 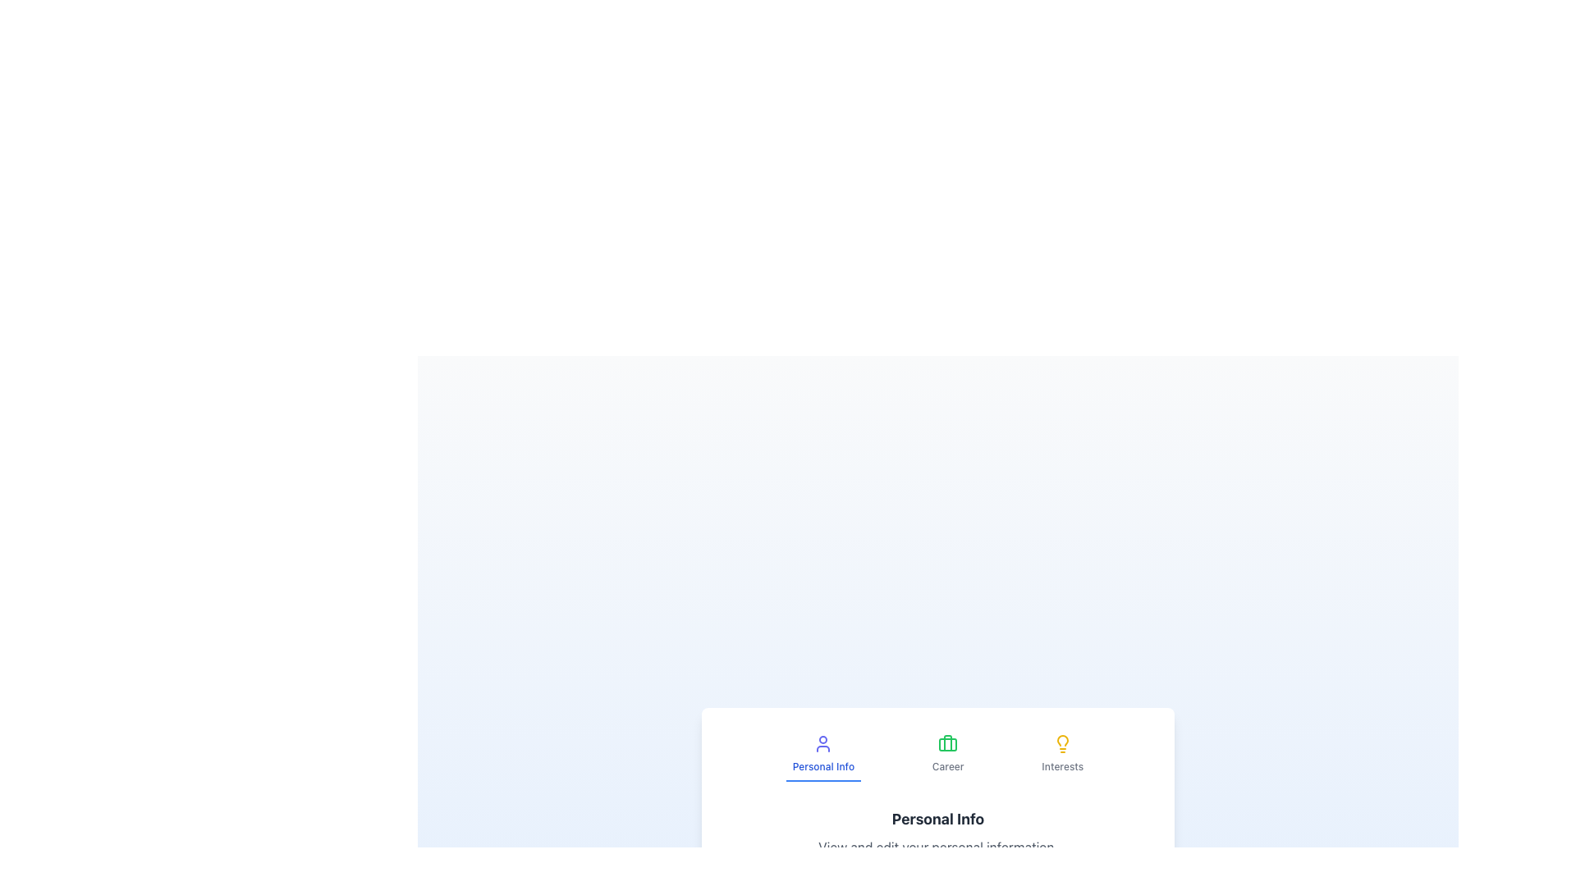 I want to click on the Informational section titled 'Personal Info' with a subtext stating 'View and edit your personal information.', so click(x=937, y=832).